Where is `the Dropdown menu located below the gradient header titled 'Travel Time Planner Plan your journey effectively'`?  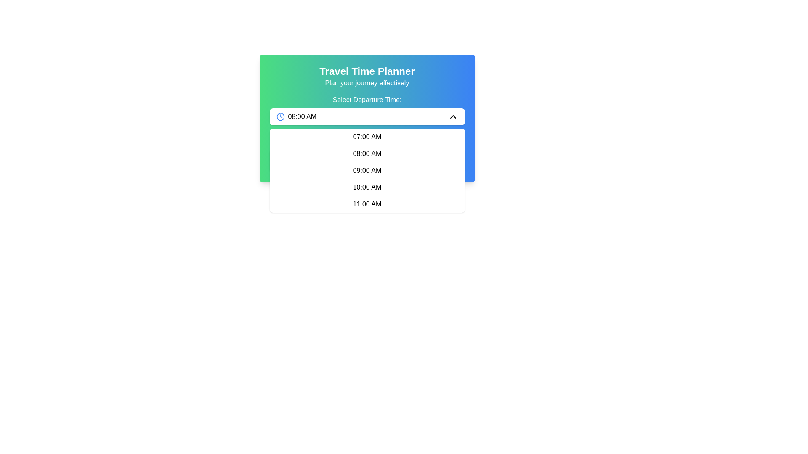 the Dropdown menu located below the gradient header titled 'Travel Time Planner Plan your journey effectively' is located at coordinates (367, 110).